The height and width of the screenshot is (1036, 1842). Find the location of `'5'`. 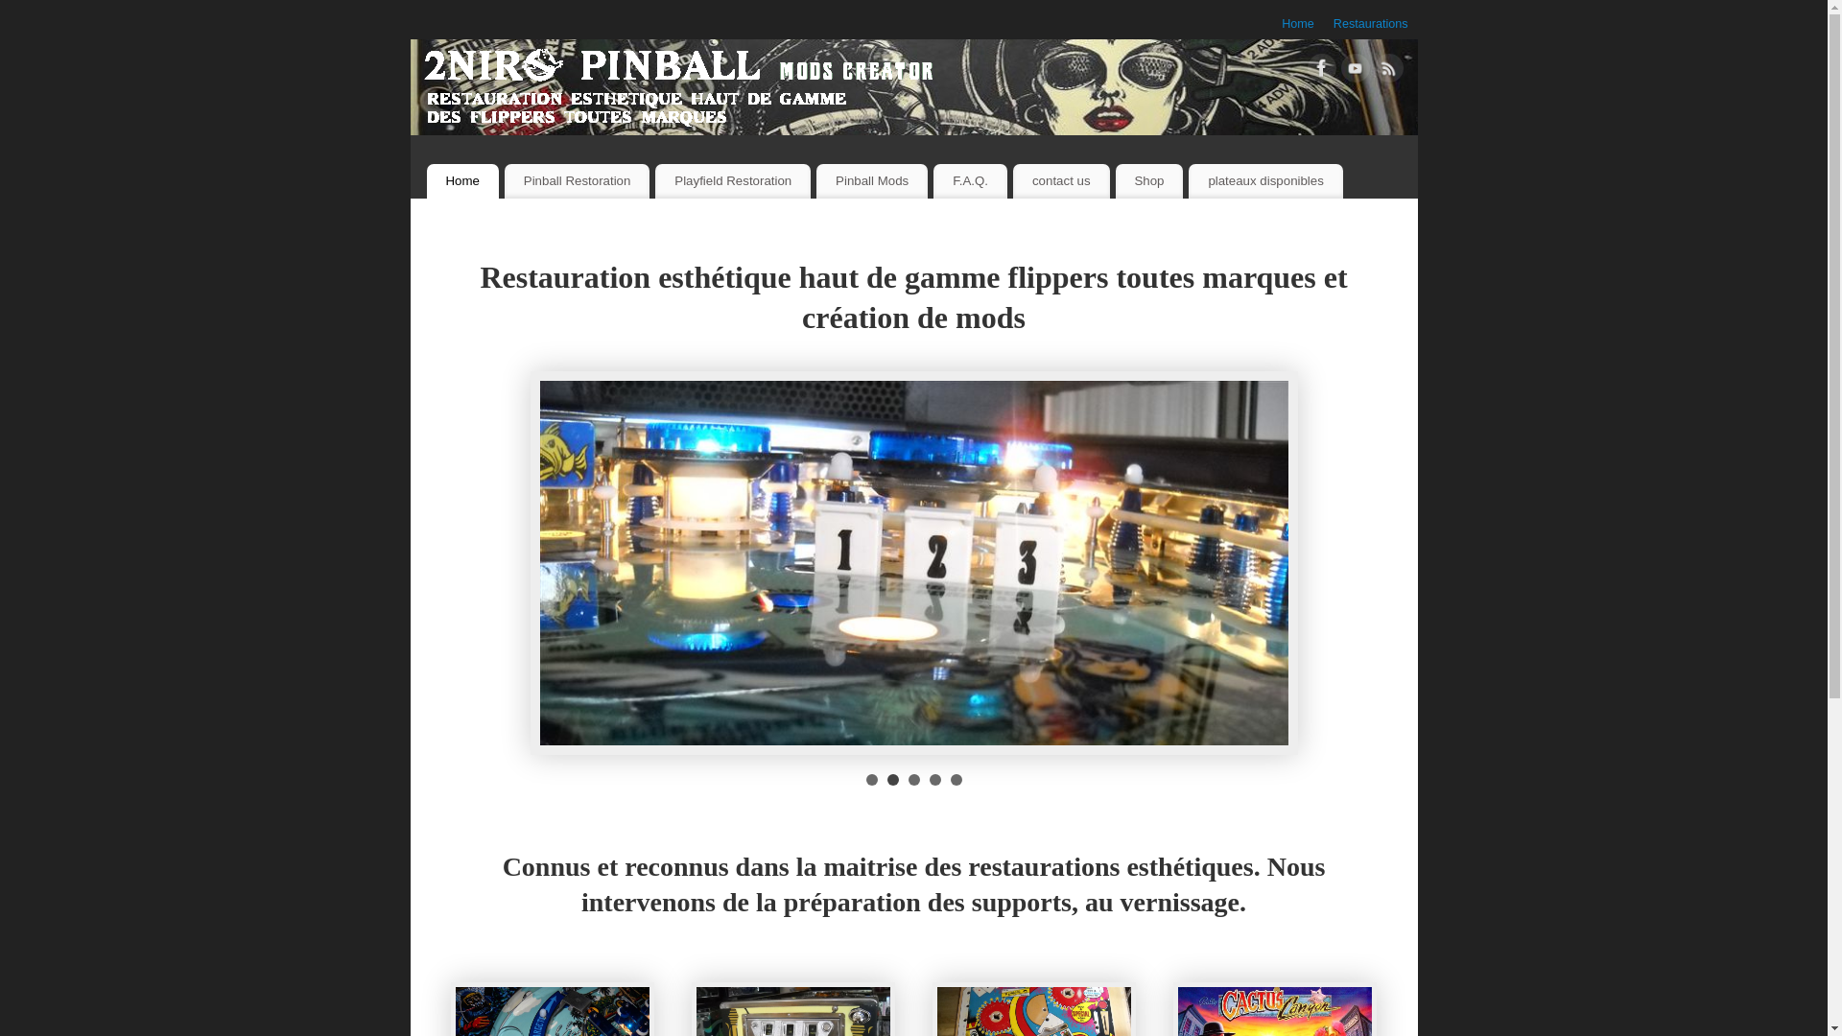

'5' is located at coordinates (949, 780).